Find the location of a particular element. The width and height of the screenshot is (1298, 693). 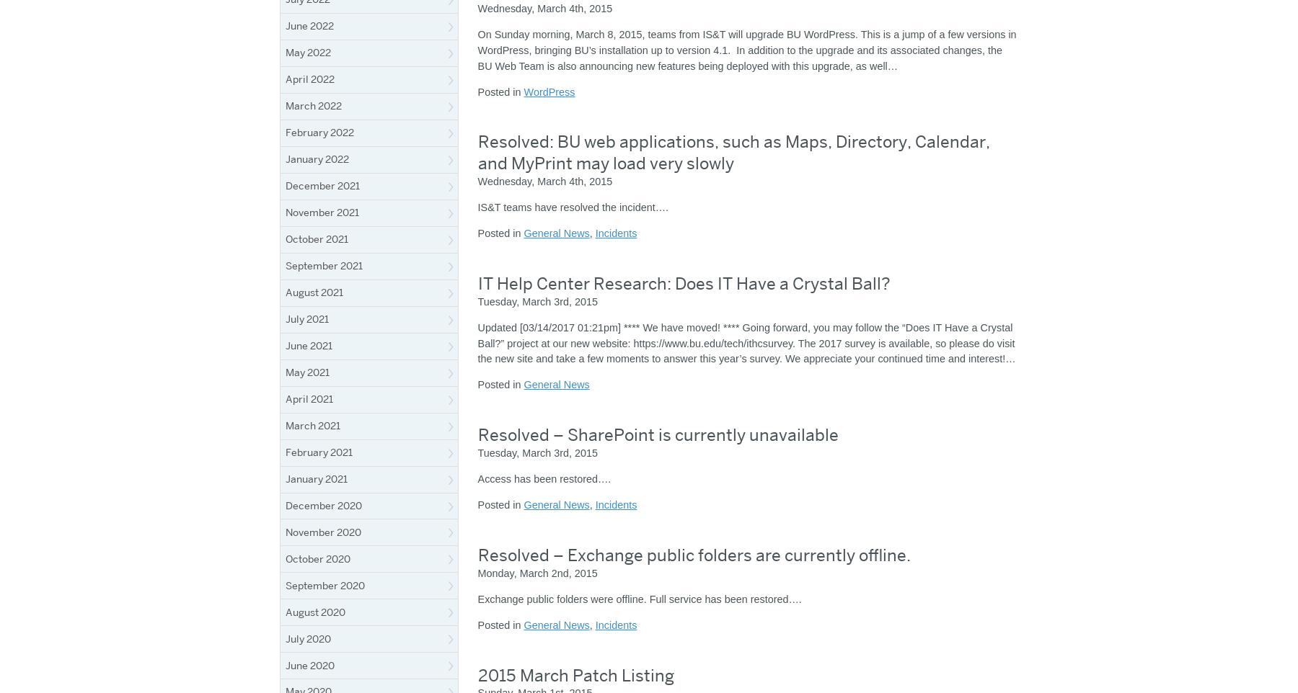

'April 2022' is located at coordinates (310, 78).